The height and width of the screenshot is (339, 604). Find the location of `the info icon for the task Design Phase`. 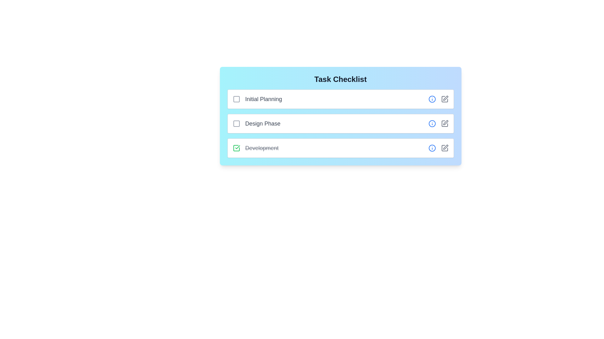

the info icon for the task Design Phase is located at coordinates (432, 123).